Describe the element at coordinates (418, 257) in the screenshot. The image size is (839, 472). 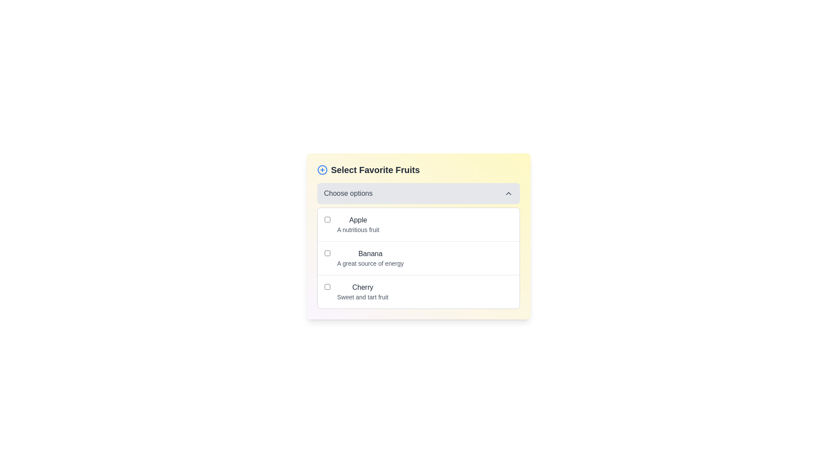
I see `the checkbox labeled 'Banana'` at that location.